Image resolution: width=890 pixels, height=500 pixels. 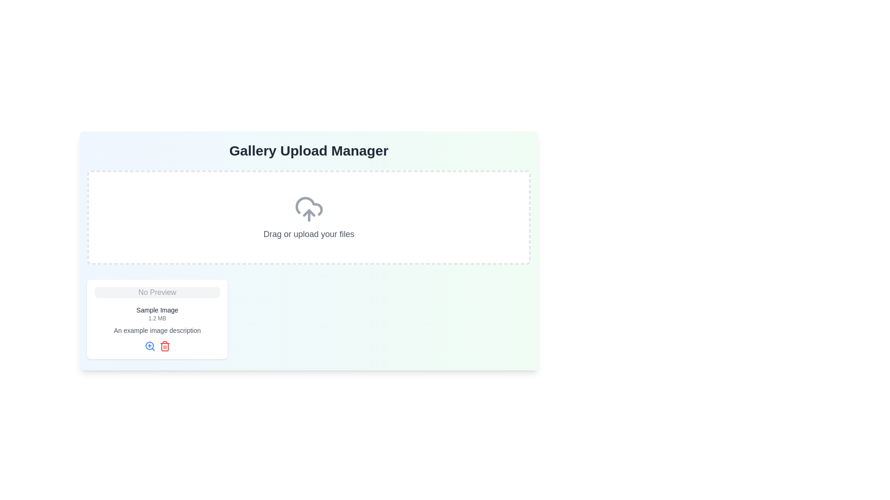 I want to click on the Drag-and-drop upload area element with a dashed border and a cloud icon, which is centrally located in the Gallery Upload Manager, to trigger potential visual feedback, so click(x=309, y=218).